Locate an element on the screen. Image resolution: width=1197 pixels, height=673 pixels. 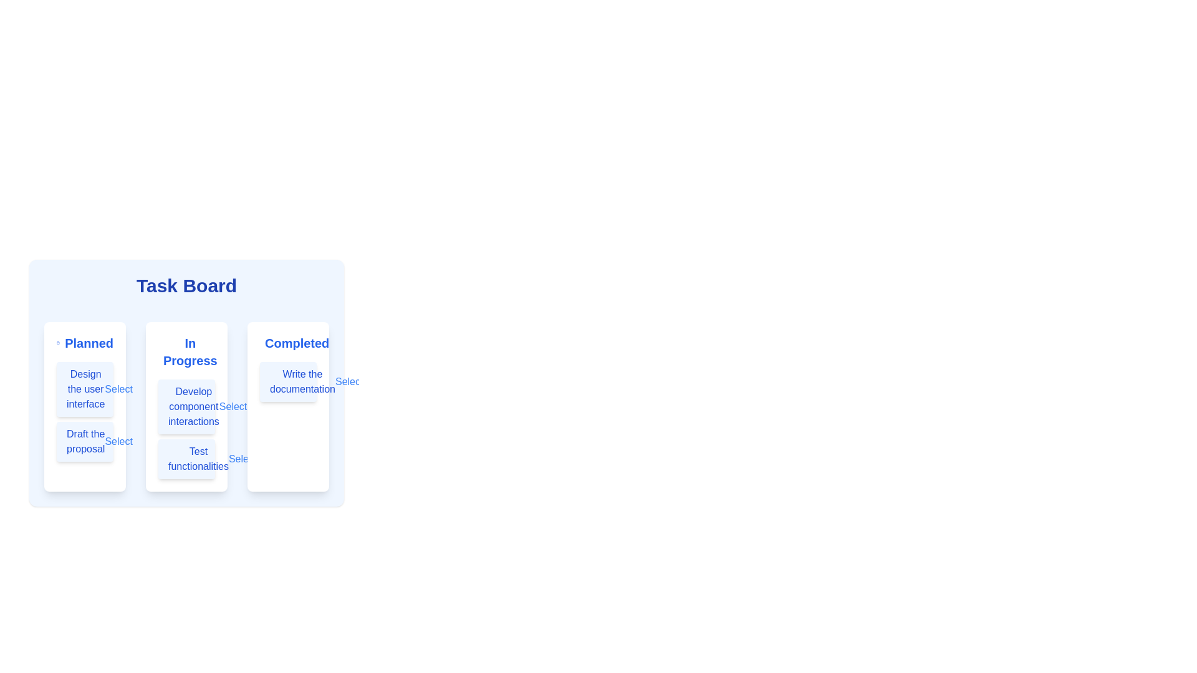
the 'Completed' status label with checkmark icon located in the 'Completed' section of the task board interface is located at coordinates (287, 343).